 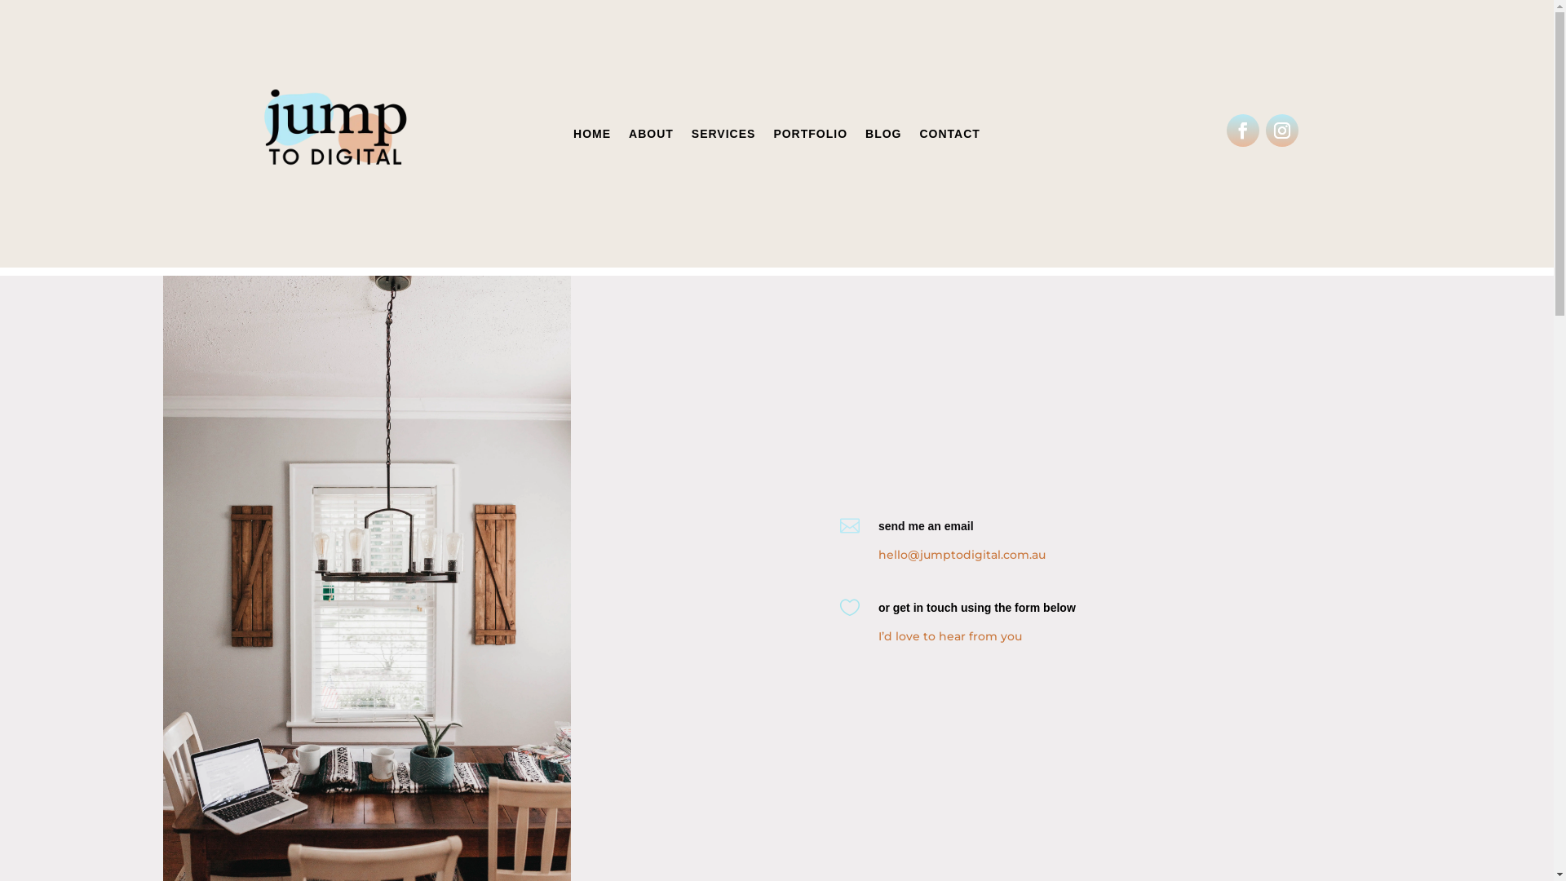 I want to click on 'ABOUT', so click(x=650, y=136).